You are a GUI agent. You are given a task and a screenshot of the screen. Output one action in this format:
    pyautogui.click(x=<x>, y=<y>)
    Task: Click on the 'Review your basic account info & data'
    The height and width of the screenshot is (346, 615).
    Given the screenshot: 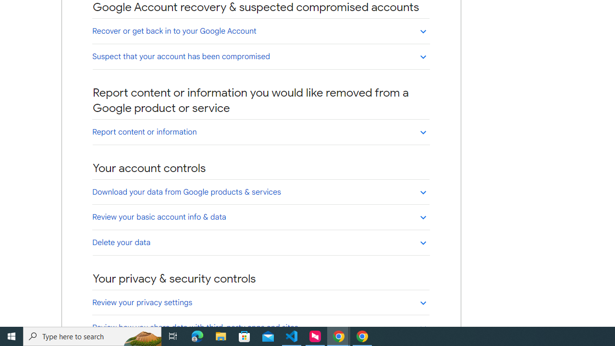 What is the action you would take?
    pyautogui.click(x=260, y=217)
    